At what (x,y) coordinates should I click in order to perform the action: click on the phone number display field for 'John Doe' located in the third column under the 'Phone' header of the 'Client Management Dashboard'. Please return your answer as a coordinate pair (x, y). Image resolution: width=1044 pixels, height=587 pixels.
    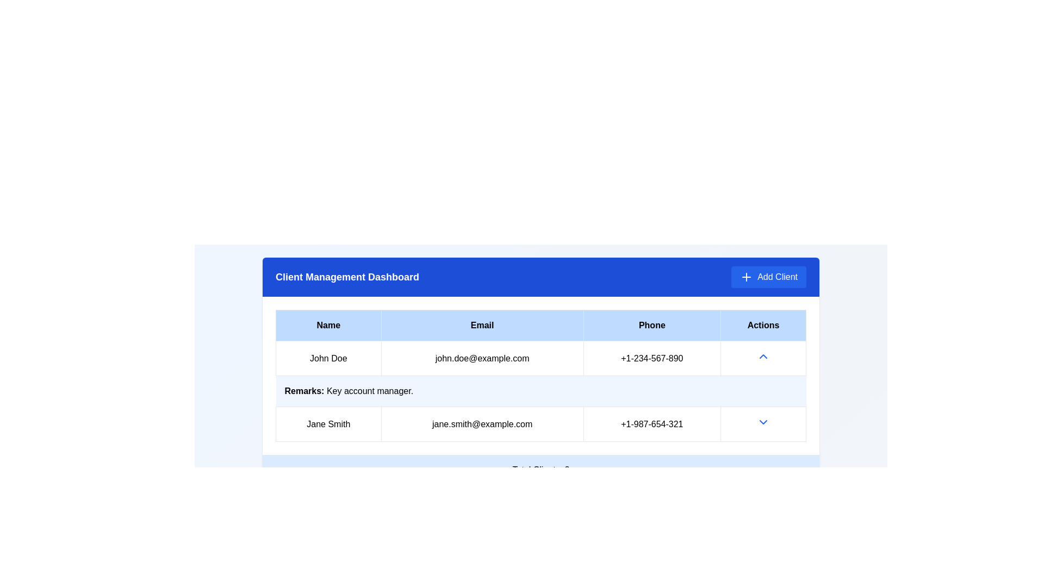
    Looking at the image, I should click on (652, 358).